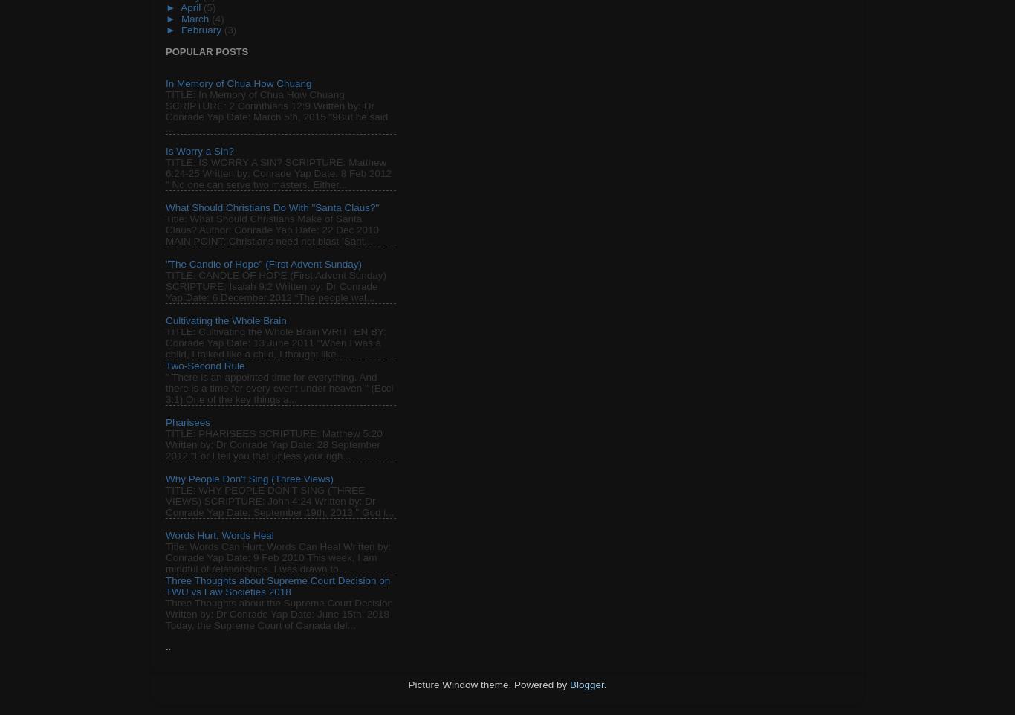  I want to click on 'TITLE: Cultivating the Whole Brain  WRITTEN BY: Conrade Yap  Date: 13 June 2011   “When I was a child, I talked like a child, I thought like...', so click(275, 343).